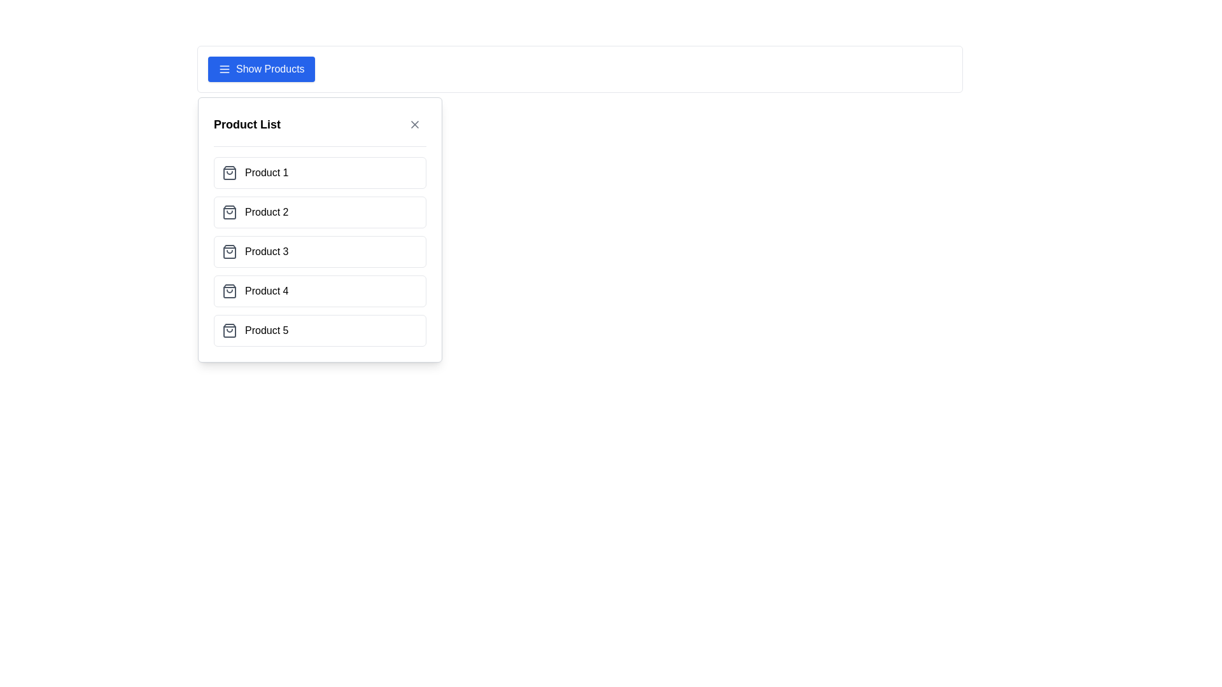  I want to click on the second Text label in the 'Product List' modal card that displays the product name, so click(266, 212).